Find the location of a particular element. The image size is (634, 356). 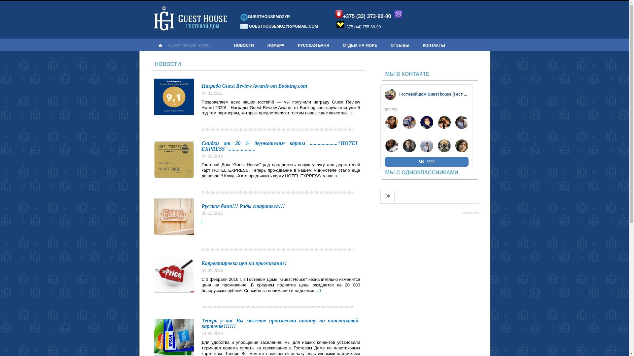

'GUESTHOUSEMOZYR@GMAIL.COM' is located at coordinates (248, 26).